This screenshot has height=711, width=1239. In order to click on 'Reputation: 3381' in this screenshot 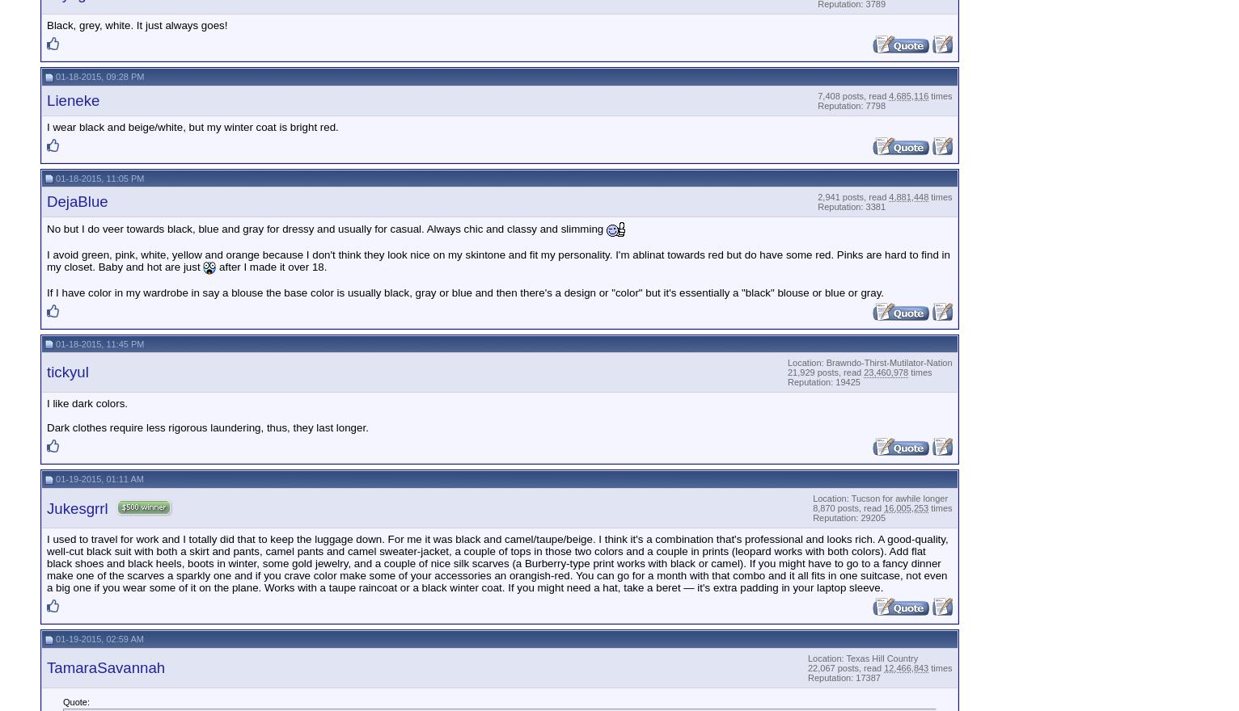, I will do `click(851, 205)`.